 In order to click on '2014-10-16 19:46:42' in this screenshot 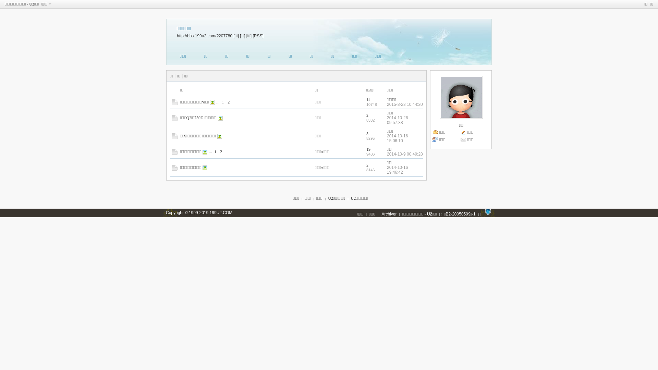, I will do `click(397, 170)`.